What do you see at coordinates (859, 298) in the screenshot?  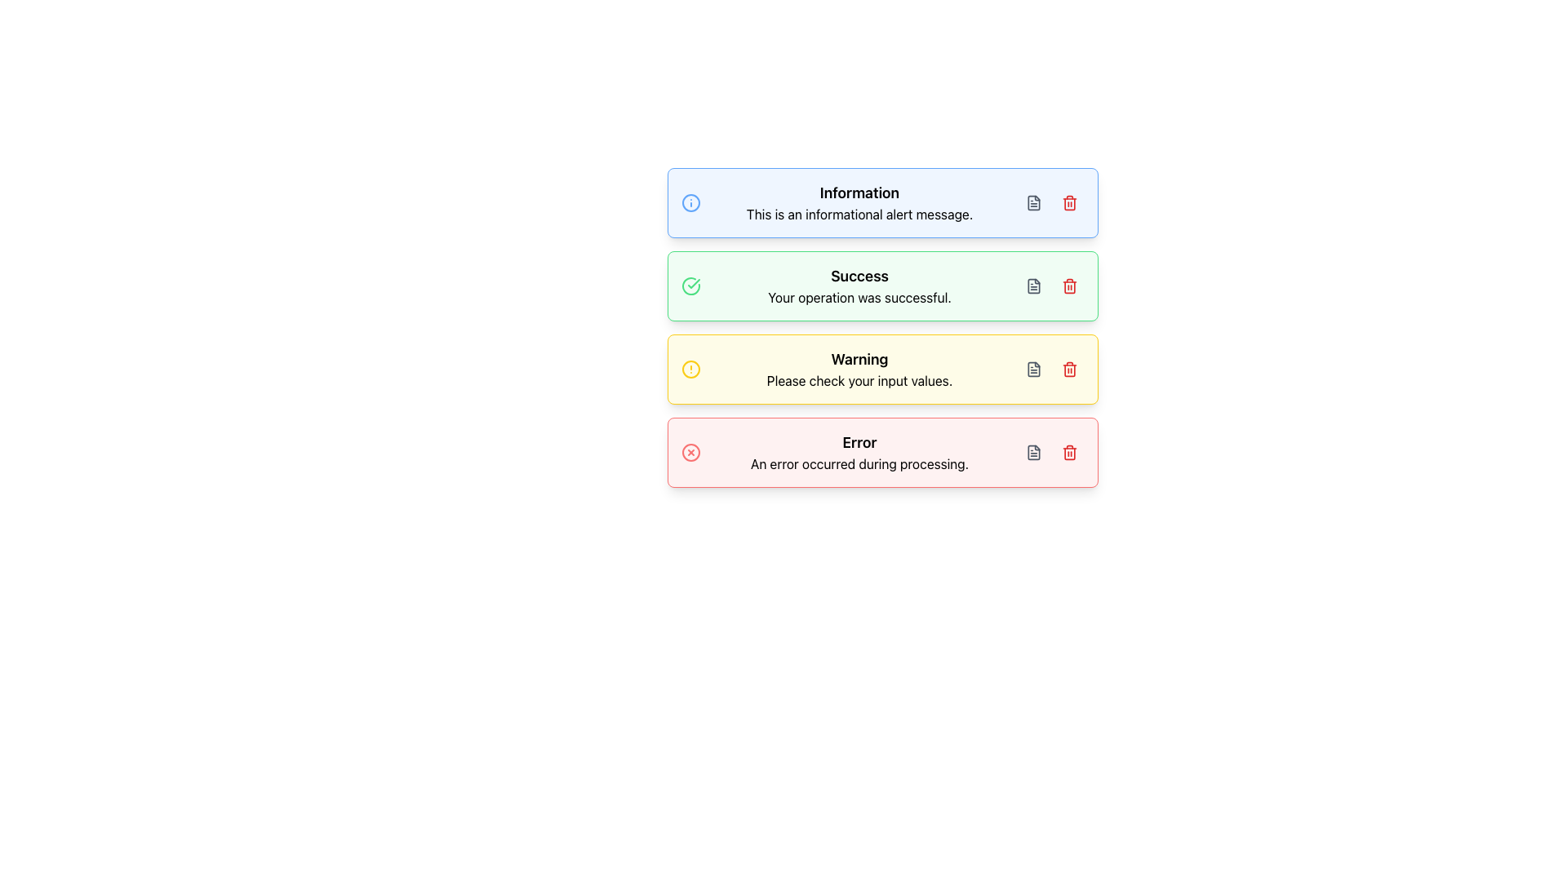 I see `success message displayed in the second alert box, positioned below the text 'Success' and aligned with the green theme` at bounding box center [859, 298].